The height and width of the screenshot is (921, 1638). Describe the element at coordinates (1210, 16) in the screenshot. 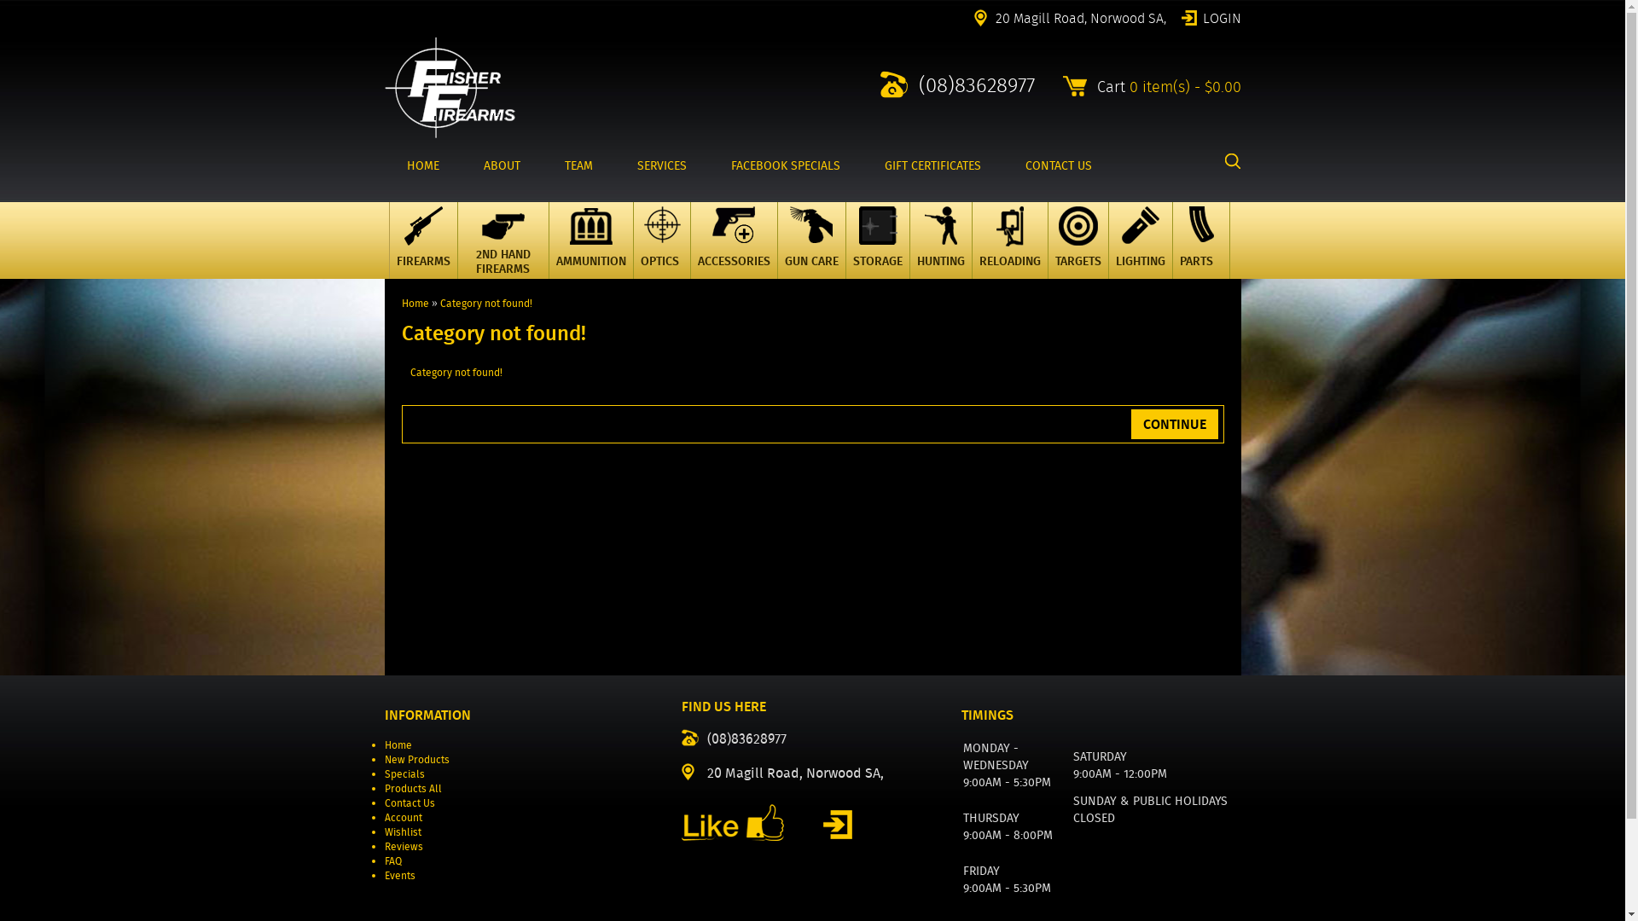

I see `'LOGIN'` at that location.